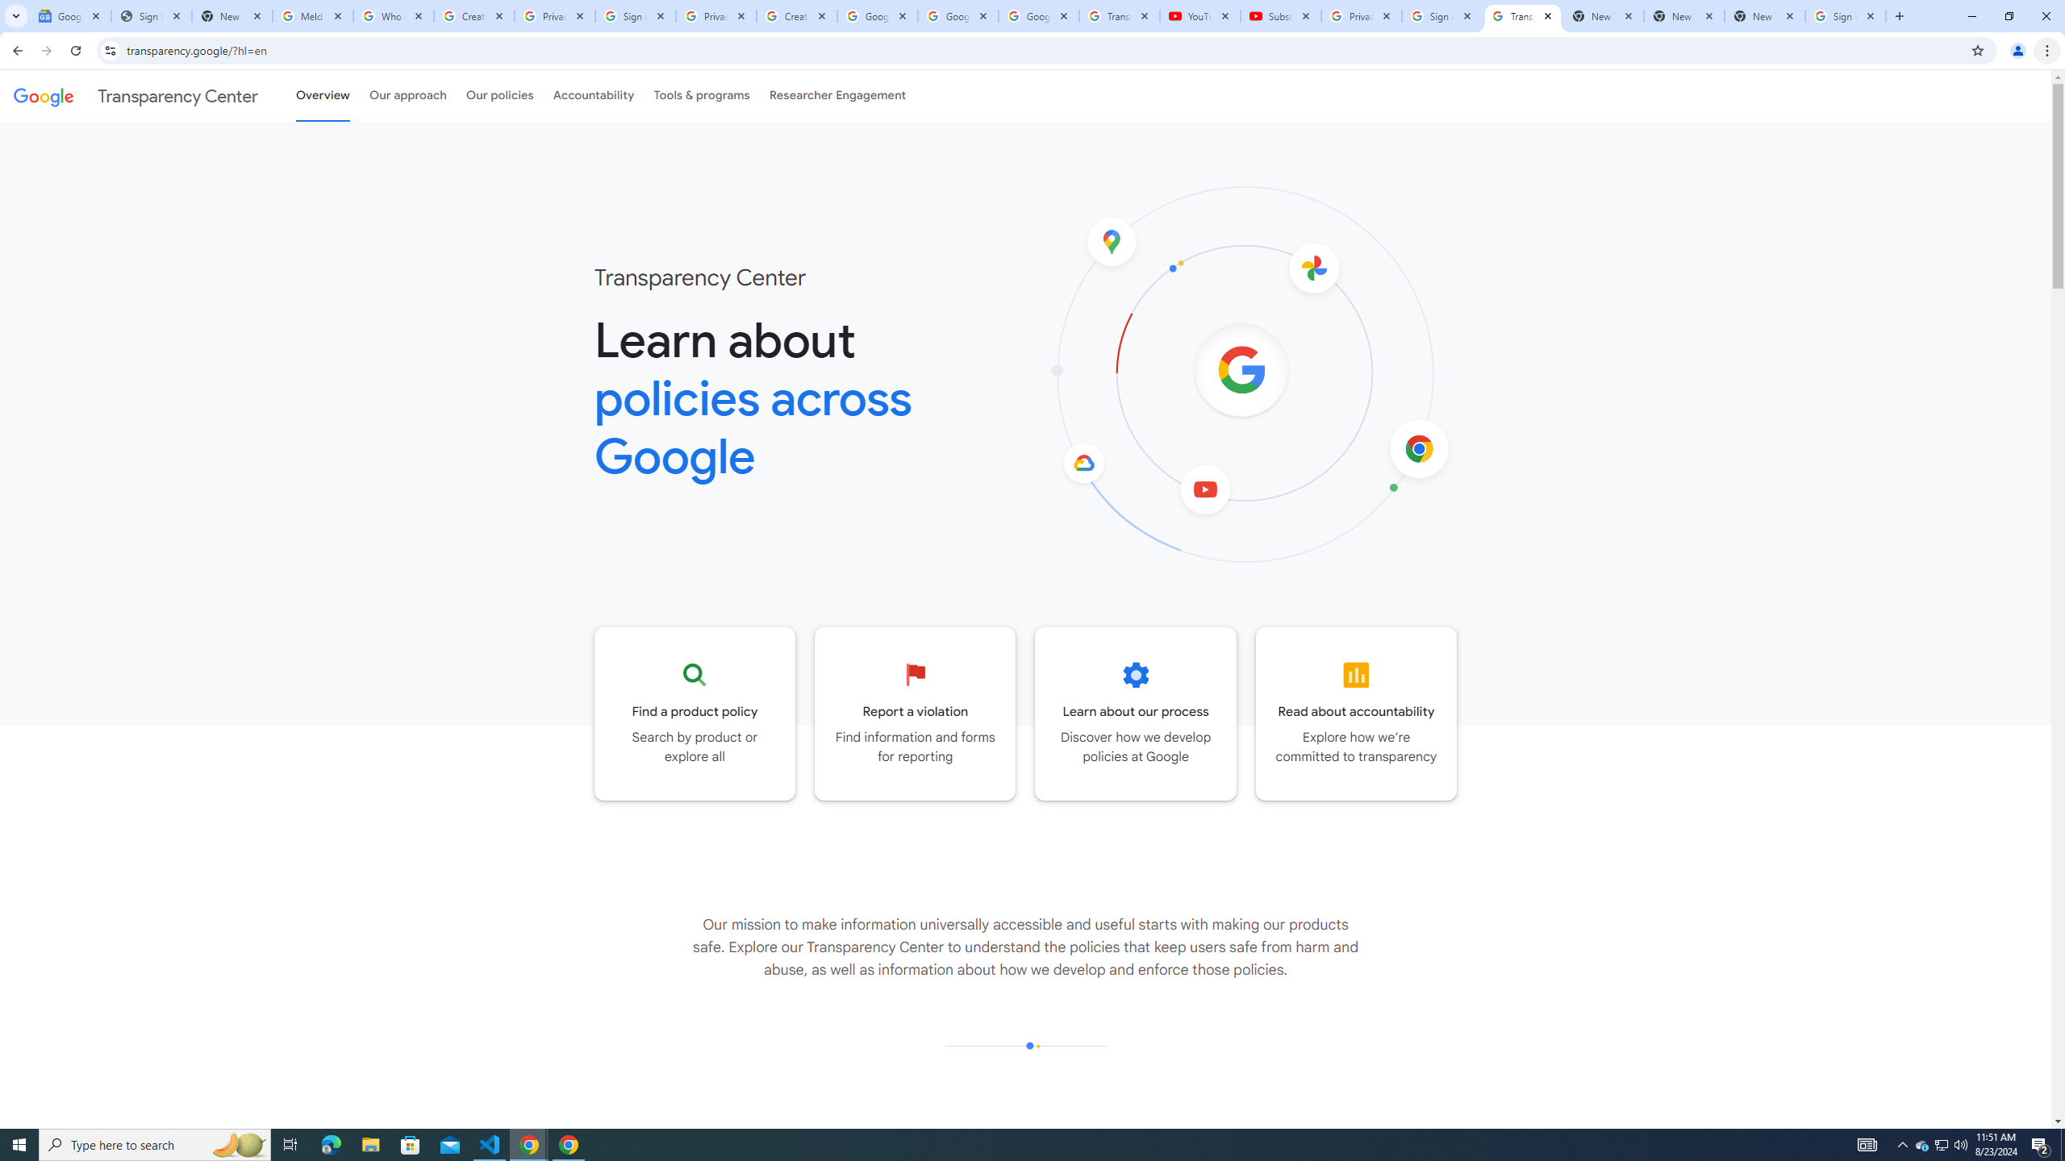 Image resolution: width=2065 pixels, height=1161 pixels. What do you see at coordinates (796, 15) in the screenshot?
I see `'Create your Google Account'` at bounding box center [796, 15].